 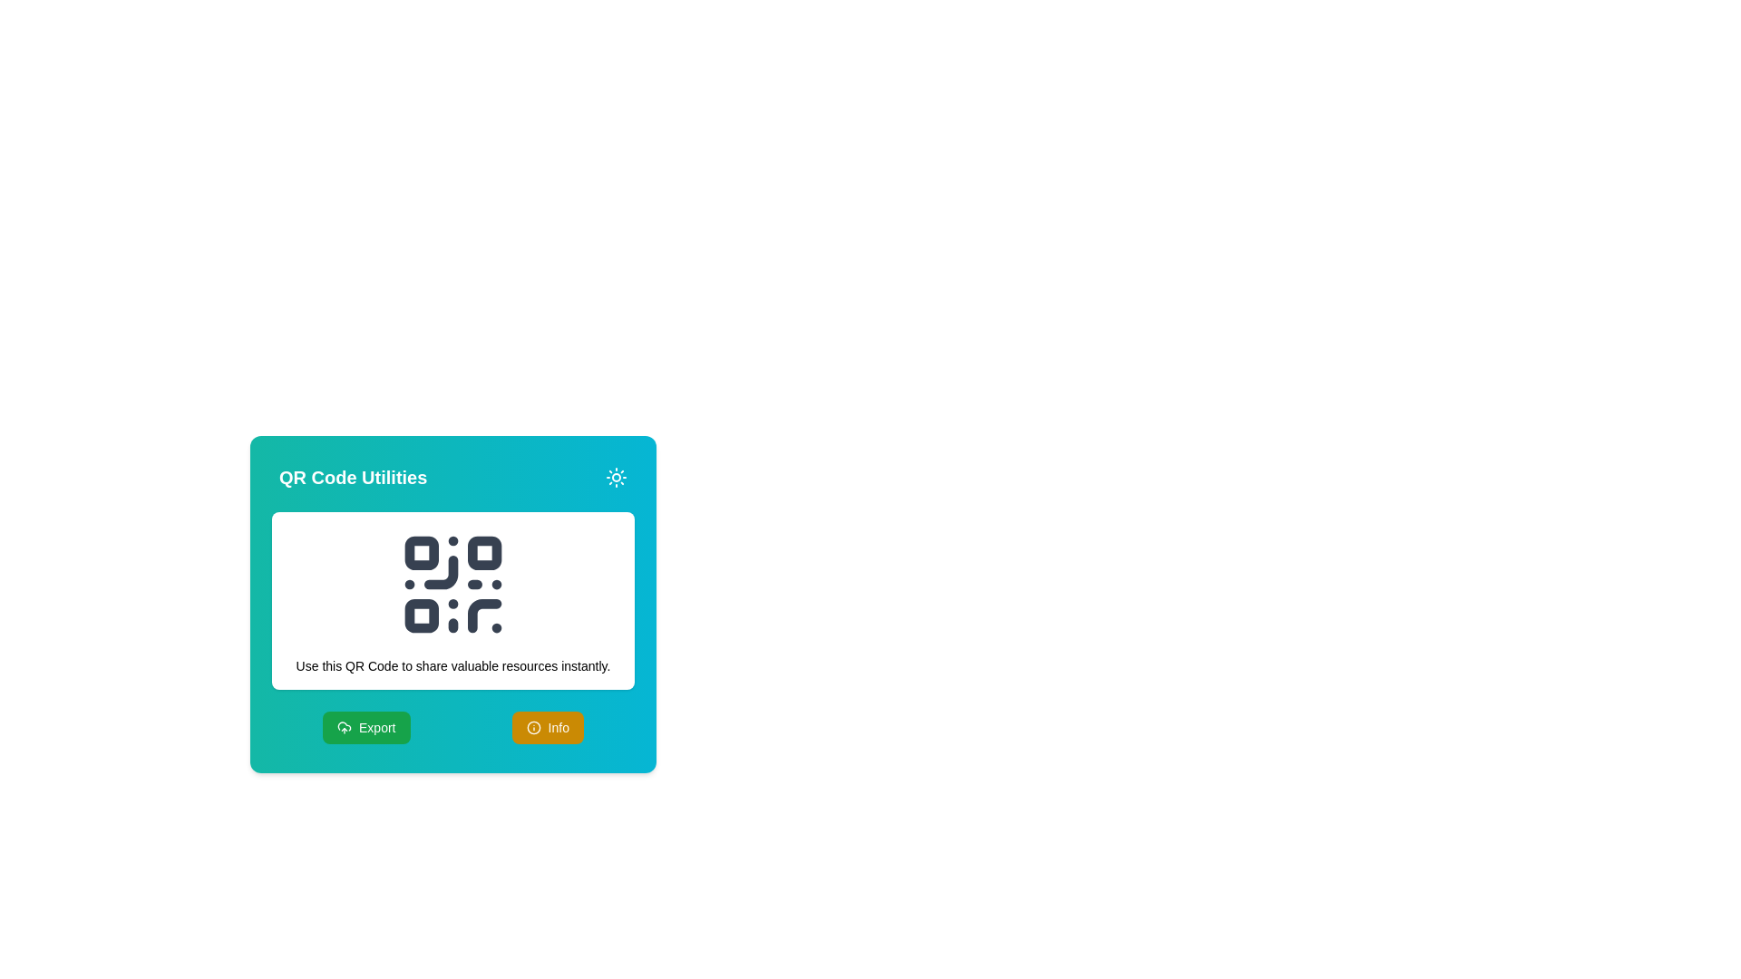 What do you see at coordinates (547, 726) in the screenshot?
I see `the 'Info' button with a muted yellow background and a circled letter 'i' icon` at bounding box center [547, 726].